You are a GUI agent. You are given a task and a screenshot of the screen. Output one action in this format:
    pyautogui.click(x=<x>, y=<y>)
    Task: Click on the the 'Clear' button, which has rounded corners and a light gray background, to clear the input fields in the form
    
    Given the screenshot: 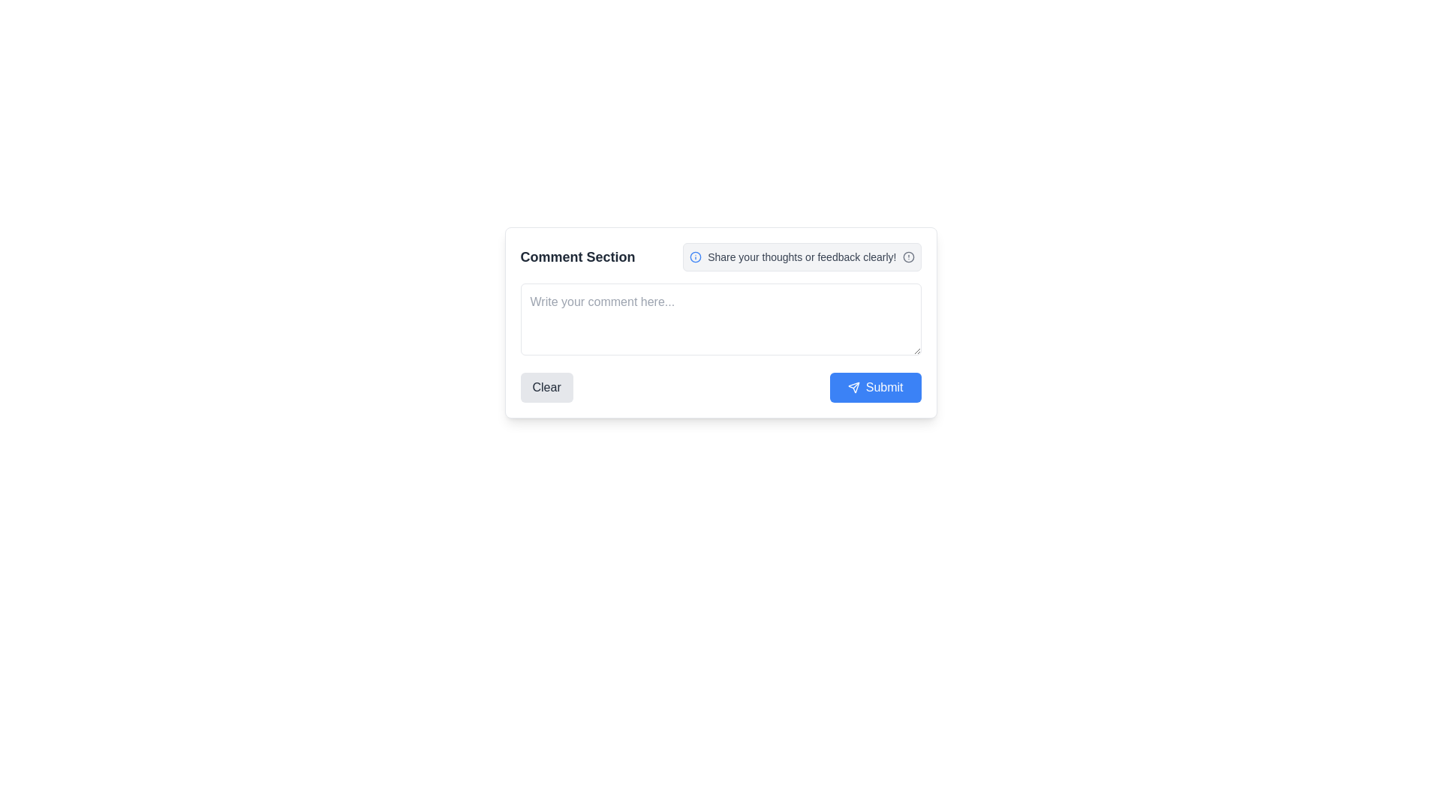 What is the action you would take?
    pyautogui.click(x=546, y=386)
    